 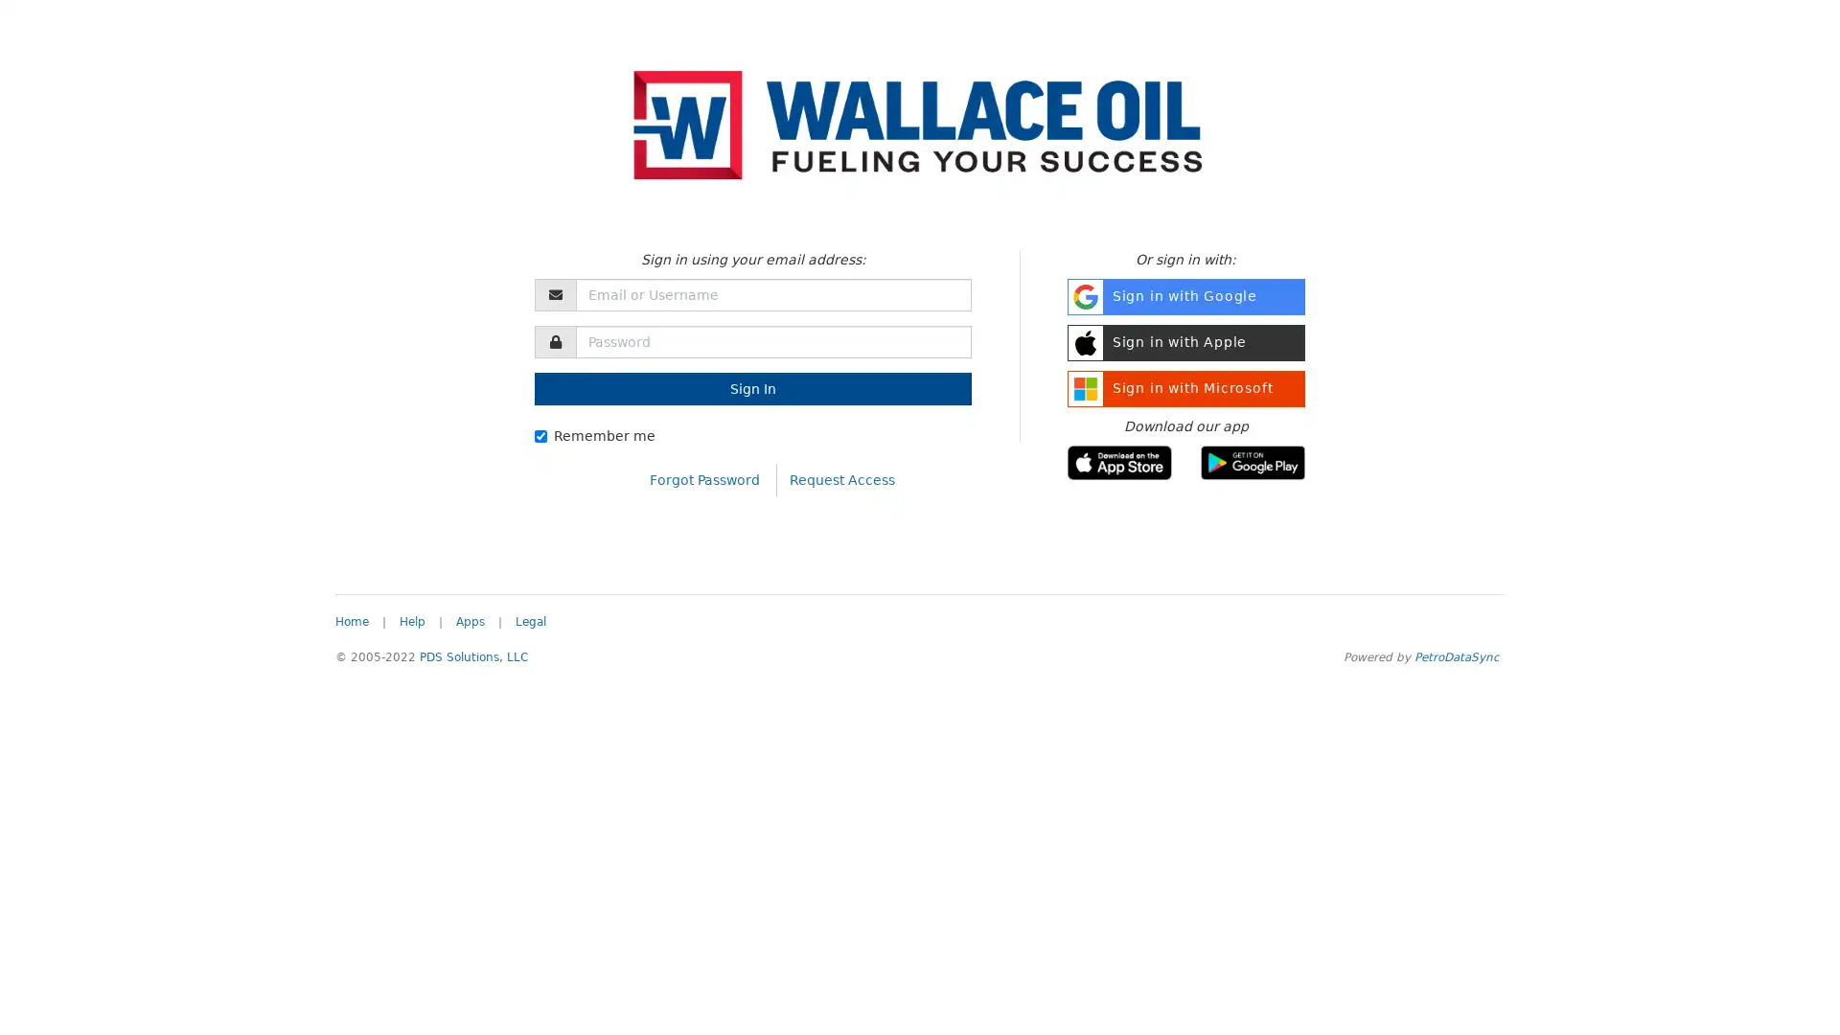 I want to click on Sign In, so click(x=752, y=388).